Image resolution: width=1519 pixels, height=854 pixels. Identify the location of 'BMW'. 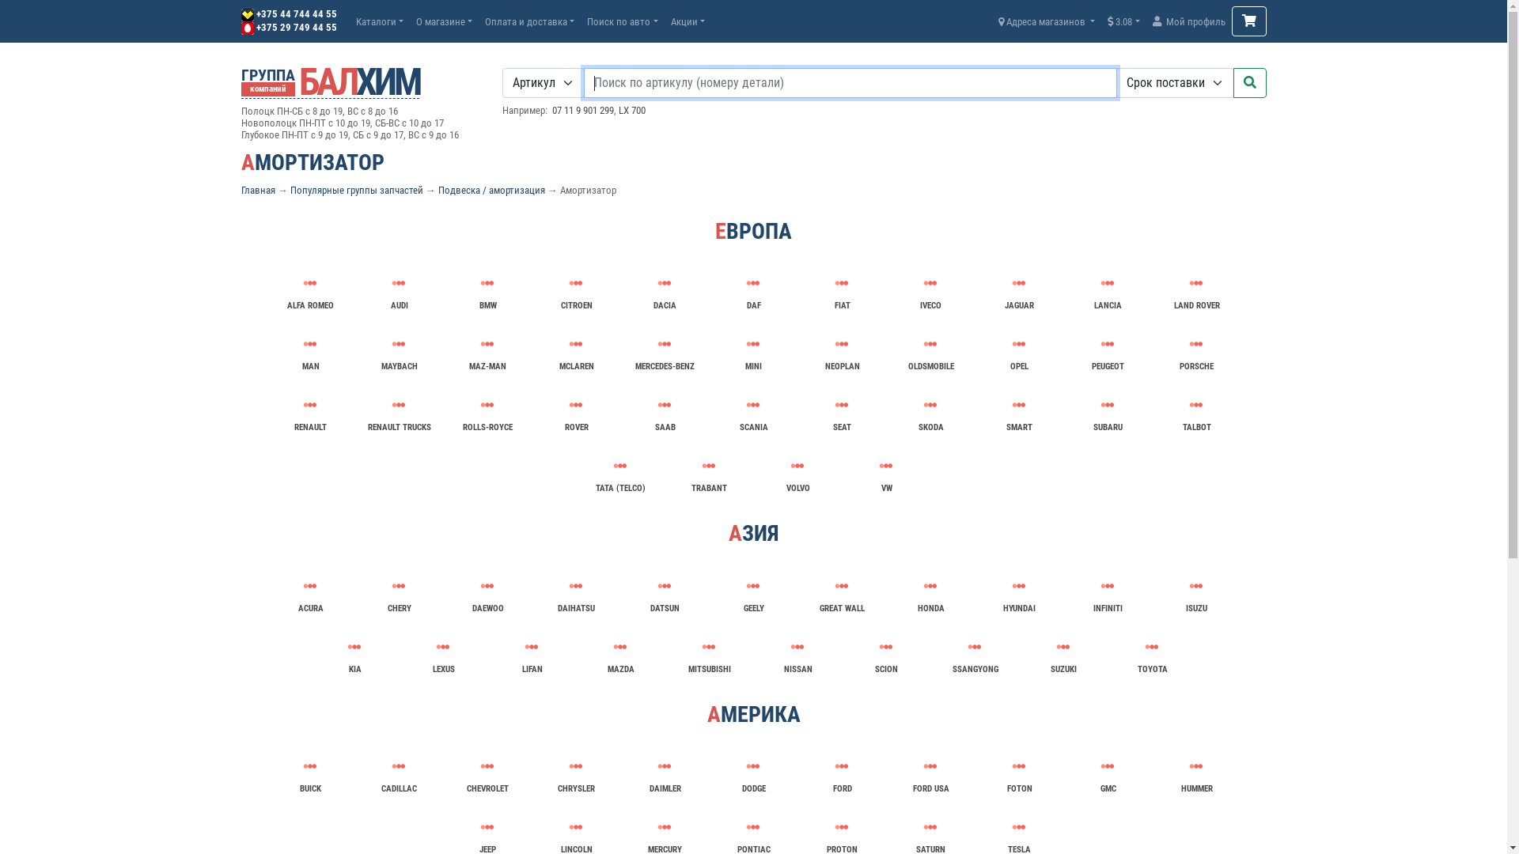
(445, 289).